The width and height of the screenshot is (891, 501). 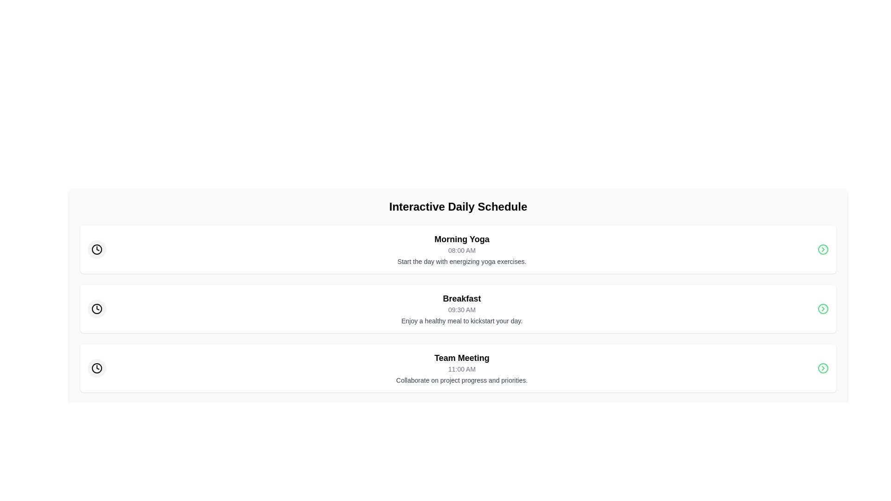 What do you see at coordinates (462, 368) in the screenshot?
I see `the 'Team Meeting' descriptive card` at bounding box center [462, 368].